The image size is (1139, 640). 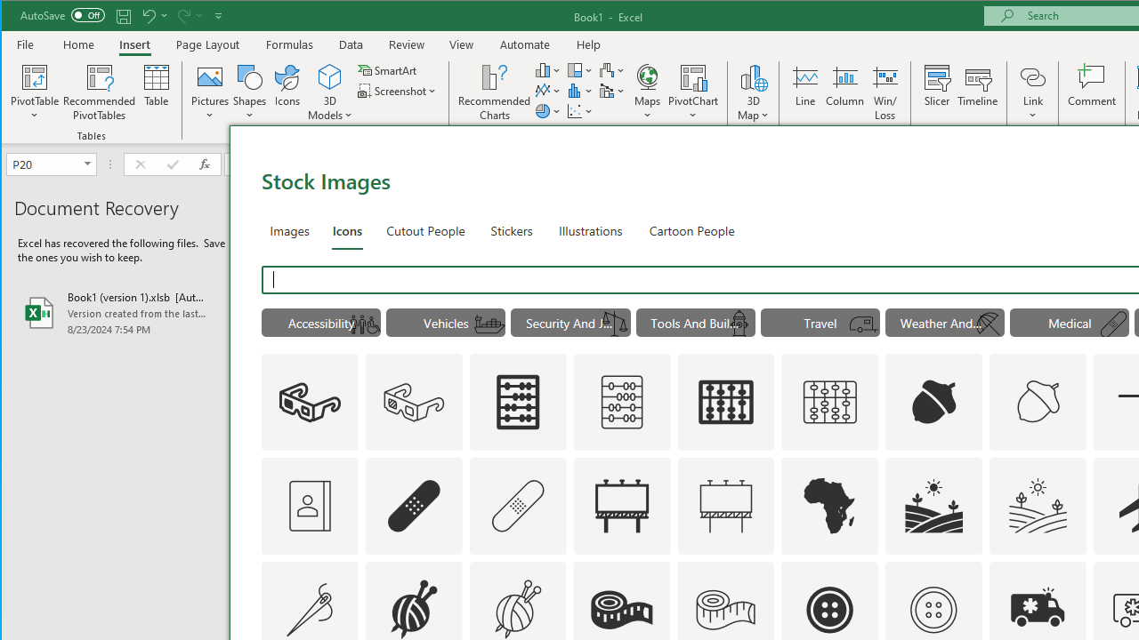 I want to click on 'Comment', so click(x=1091, y=92).